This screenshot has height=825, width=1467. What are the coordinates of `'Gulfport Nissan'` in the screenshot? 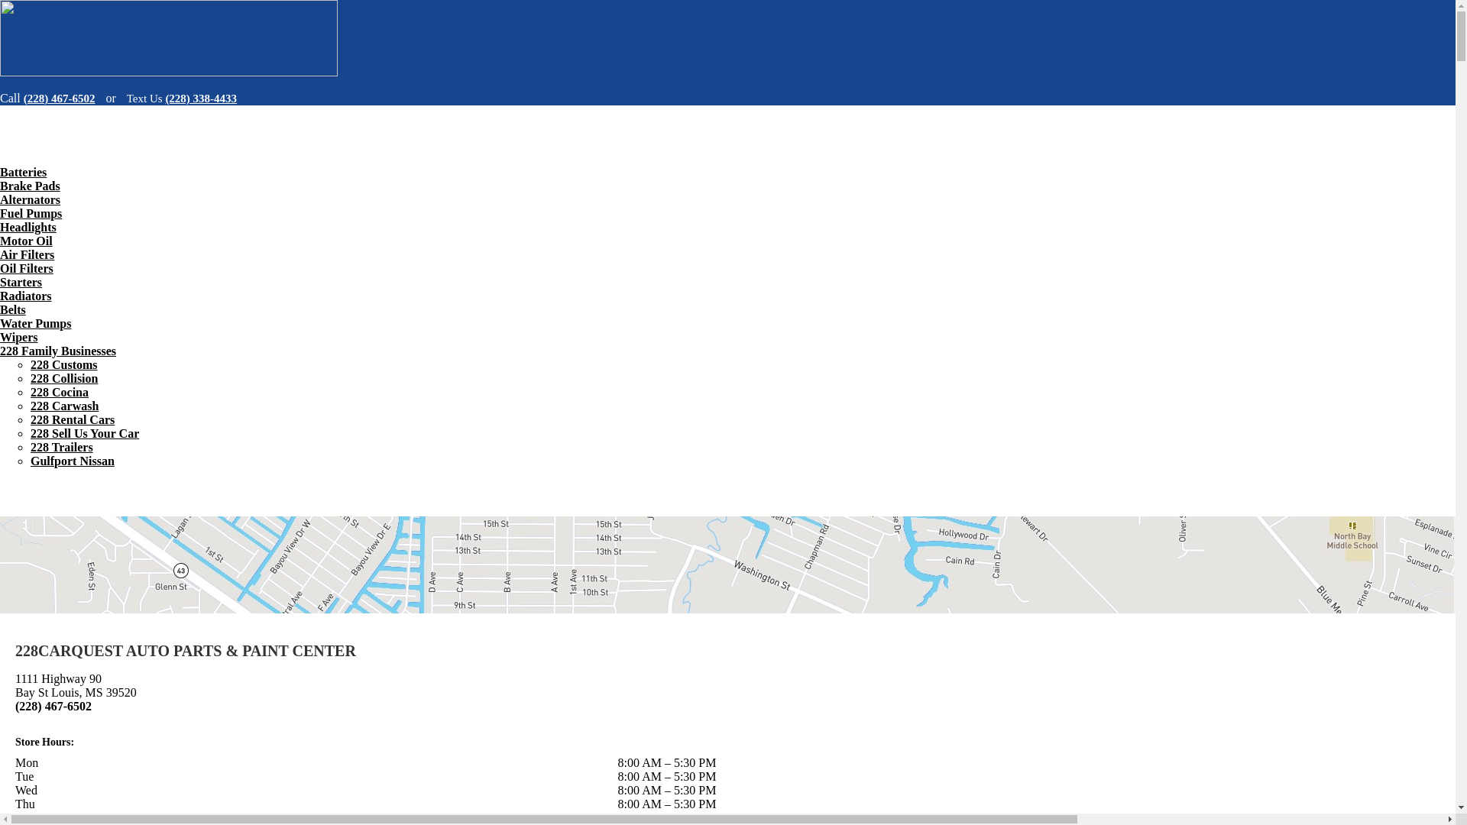 It's located at (72, 460).